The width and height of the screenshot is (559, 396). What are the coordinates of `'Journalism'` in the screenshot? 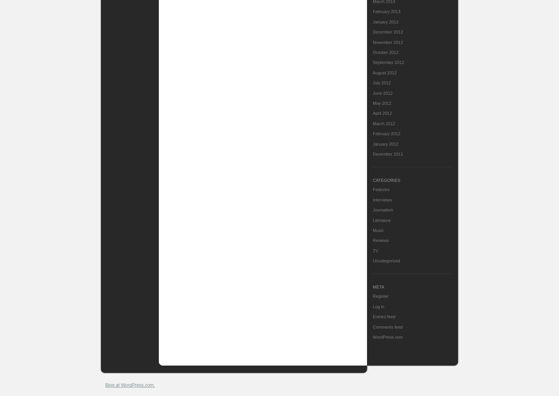 It's located at (373, 210).